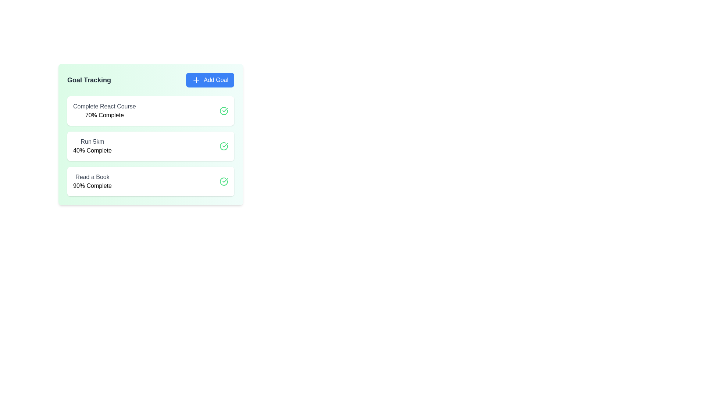 The image size is (706, 397). Describe the element at coordinates (92, 181) in the screenshot. I see `the Text Display Block that shows 'Read a Book' and '90% Complete', located in the third card from the top in the vertically stacked list of cards` at that location.